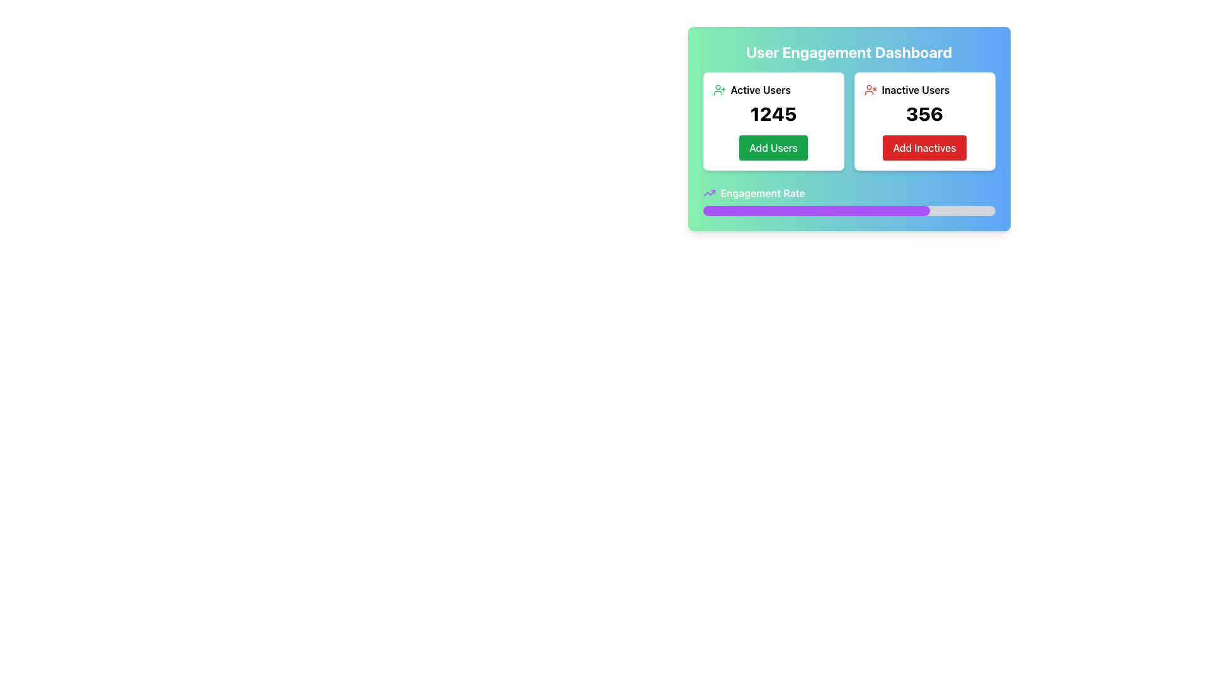  I want to click on the 'Add Users' button, which is a green rectangular button with white text located below the number '1245' in the 'Active Users' section, so click(773, 147).